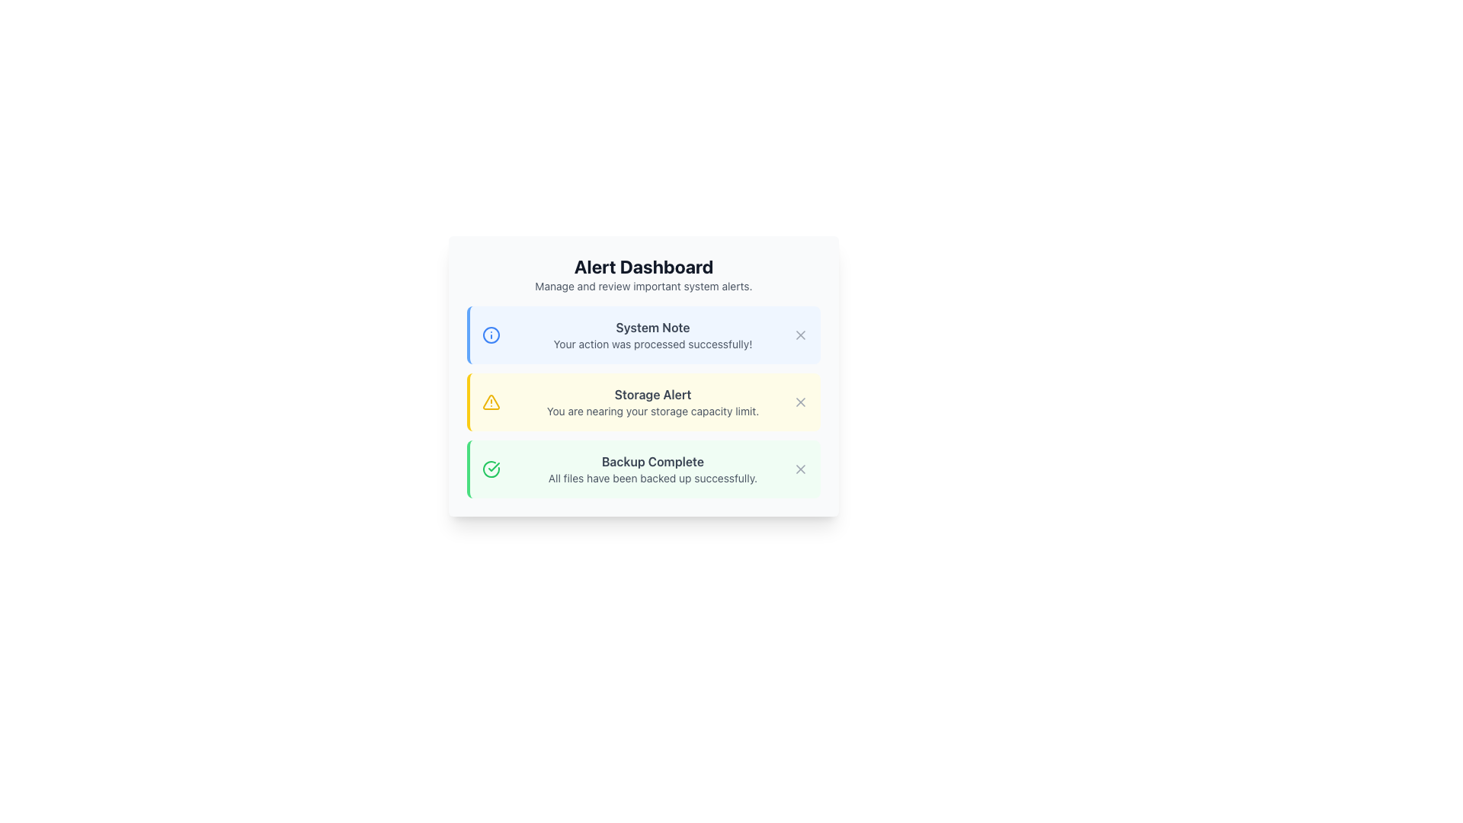  What do you see at coordinates (494, 466) in the screenshot?
I see `the checkmark icon in the 'Backup Complete' section, which serves as a visual indicator of a successful operation` at bounding box center [494, 466].